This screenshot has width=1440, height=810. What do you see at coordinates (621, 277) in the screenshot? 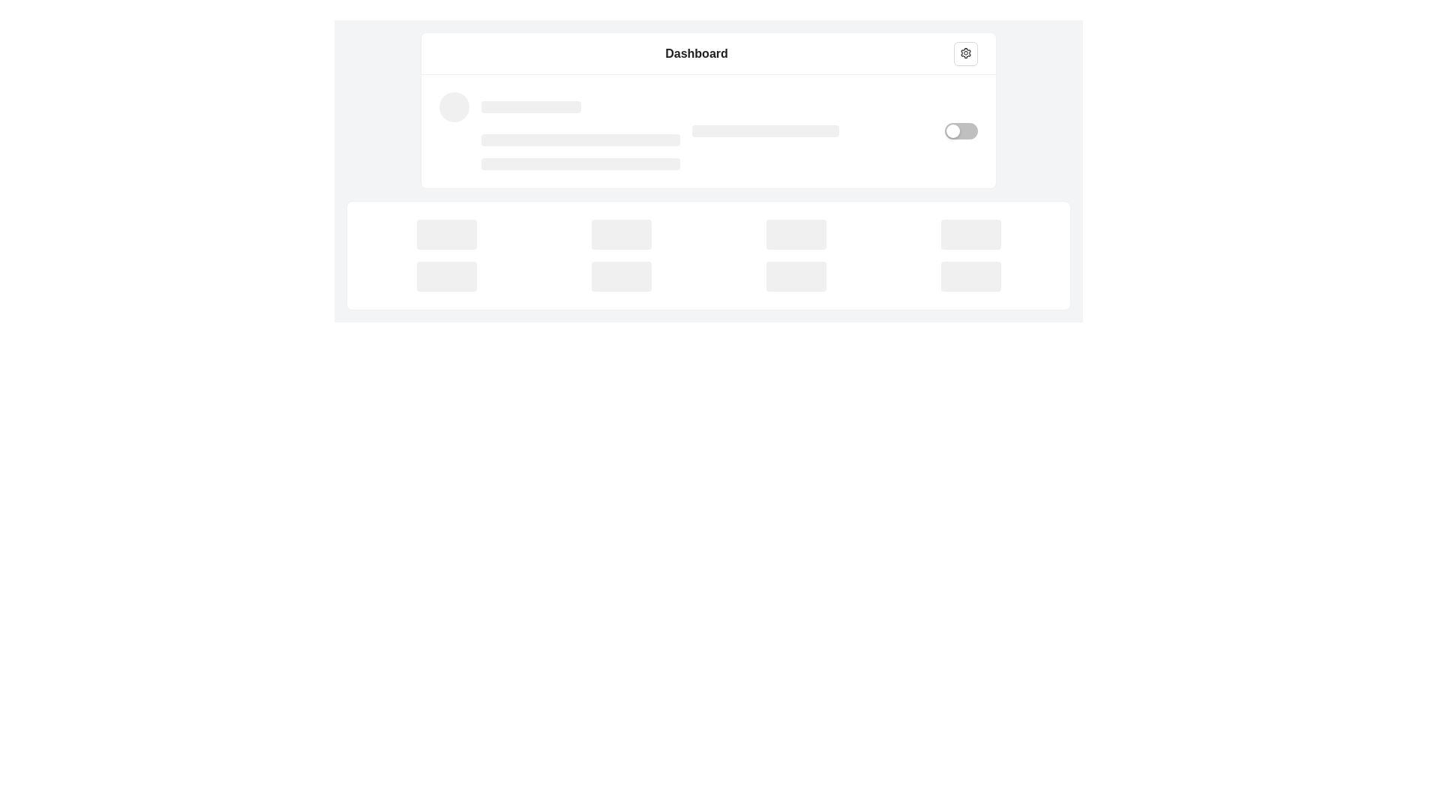
I see `the Skeleton button placeholder, which is the third item from the left in a horizontal grid layout, used during content loading` at bounding box center [621, 277].